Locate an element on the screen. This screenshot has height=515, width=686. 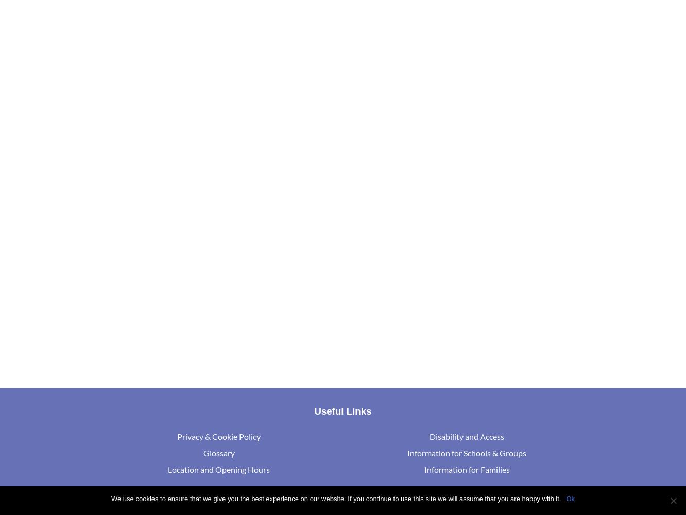
'Glossary' is located at coordinates (202, 453).